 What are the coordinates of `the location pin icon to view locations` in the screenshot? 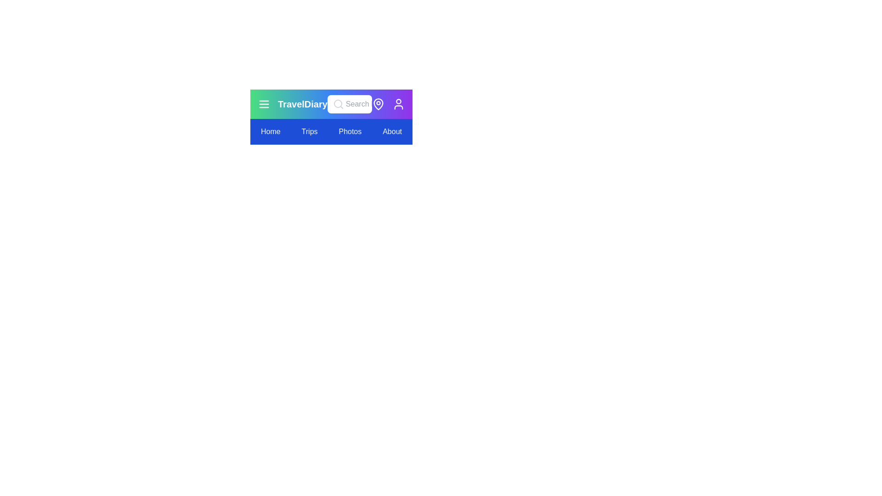 It's located at (379, 104).